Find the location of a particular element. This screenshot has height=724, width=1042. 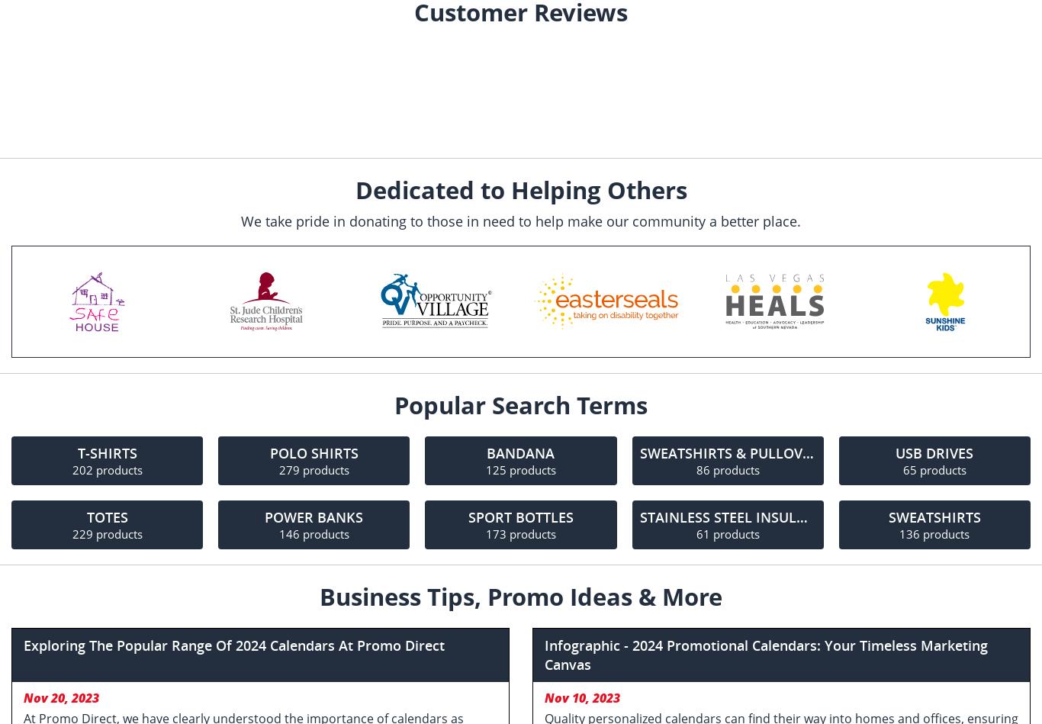

'Sweatshirts' is located at coordinates (934, 516).